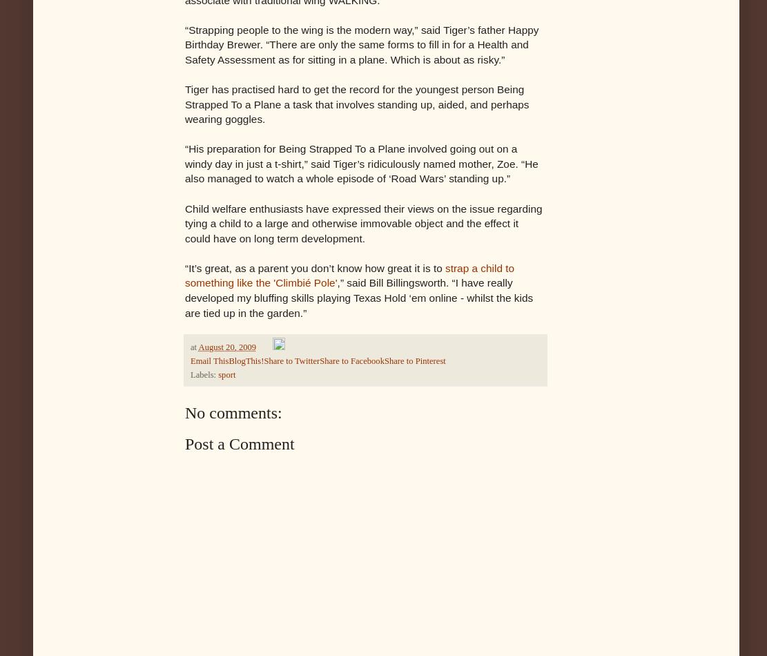 This screenshot has height=656, width=767. Describe the element at coordinates (351, 360) in the screenshot. I see `'Share to Facebook'` at that location.